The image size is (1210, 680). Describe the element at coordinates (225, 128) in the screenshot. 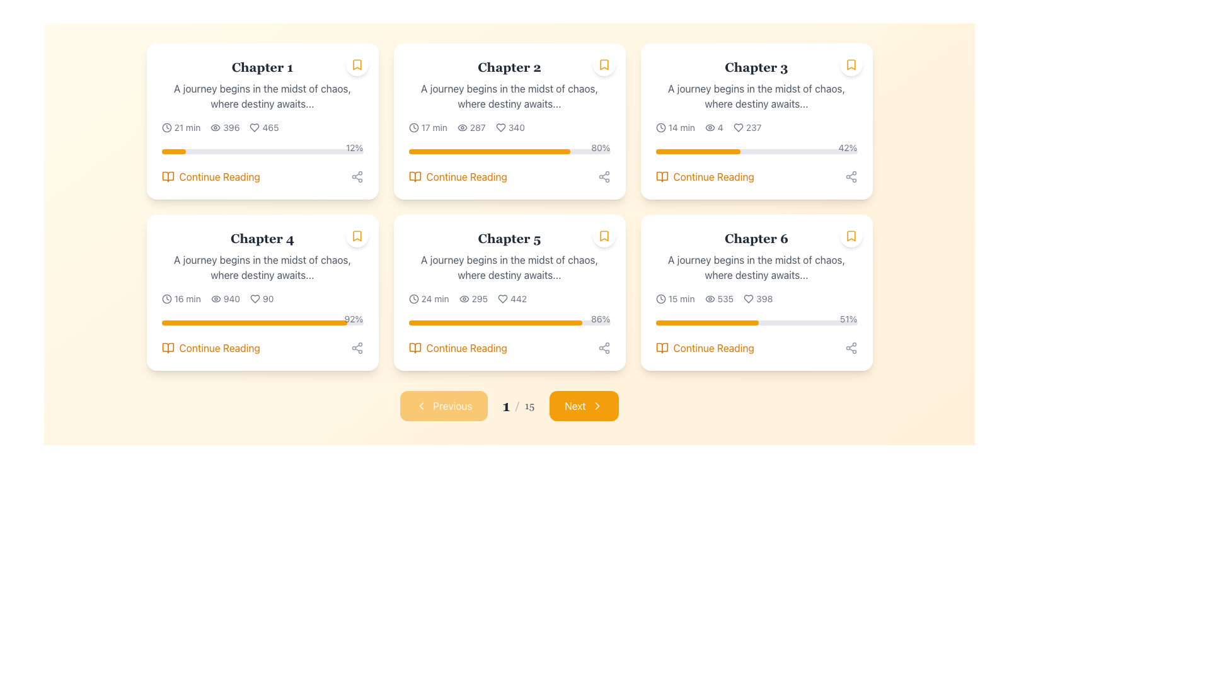

I see `the eye icon followed by the number '396' located in the first card under 'Chapter 1'` at that location.